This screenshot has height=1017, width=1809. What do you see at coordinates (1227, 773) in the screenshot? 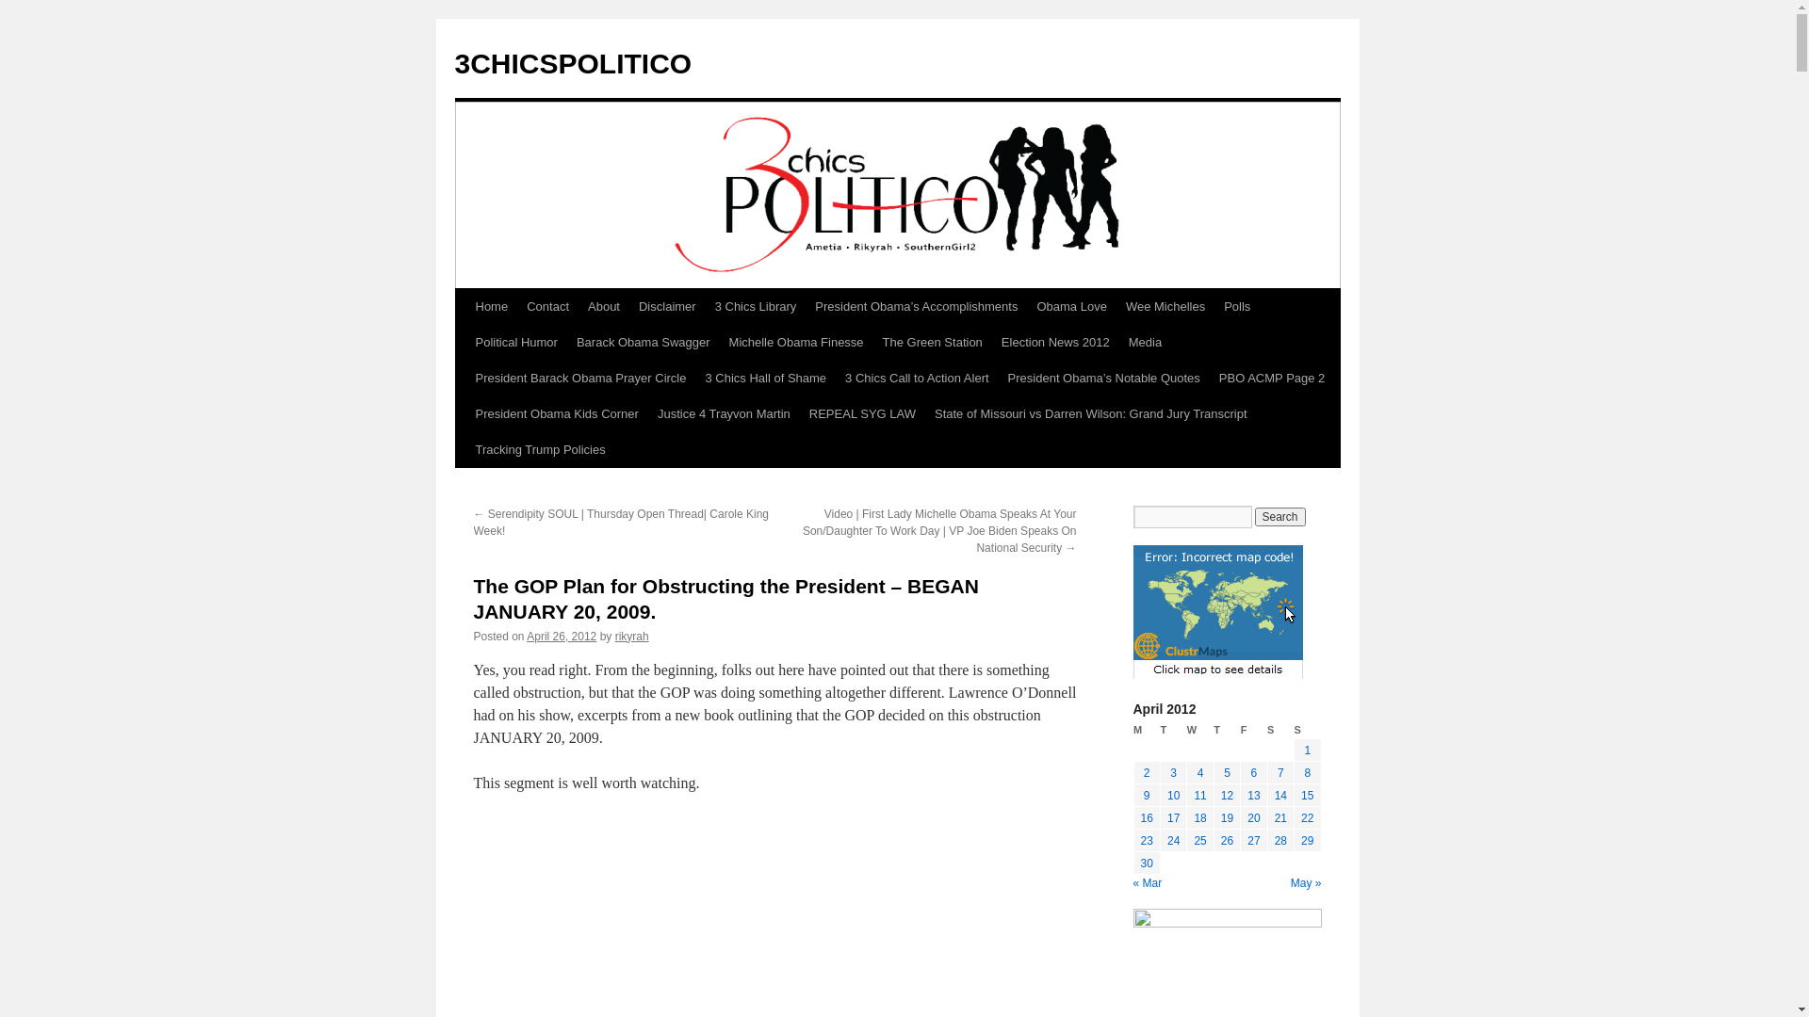
I see `'5'` at bounding box center [1227, 773].